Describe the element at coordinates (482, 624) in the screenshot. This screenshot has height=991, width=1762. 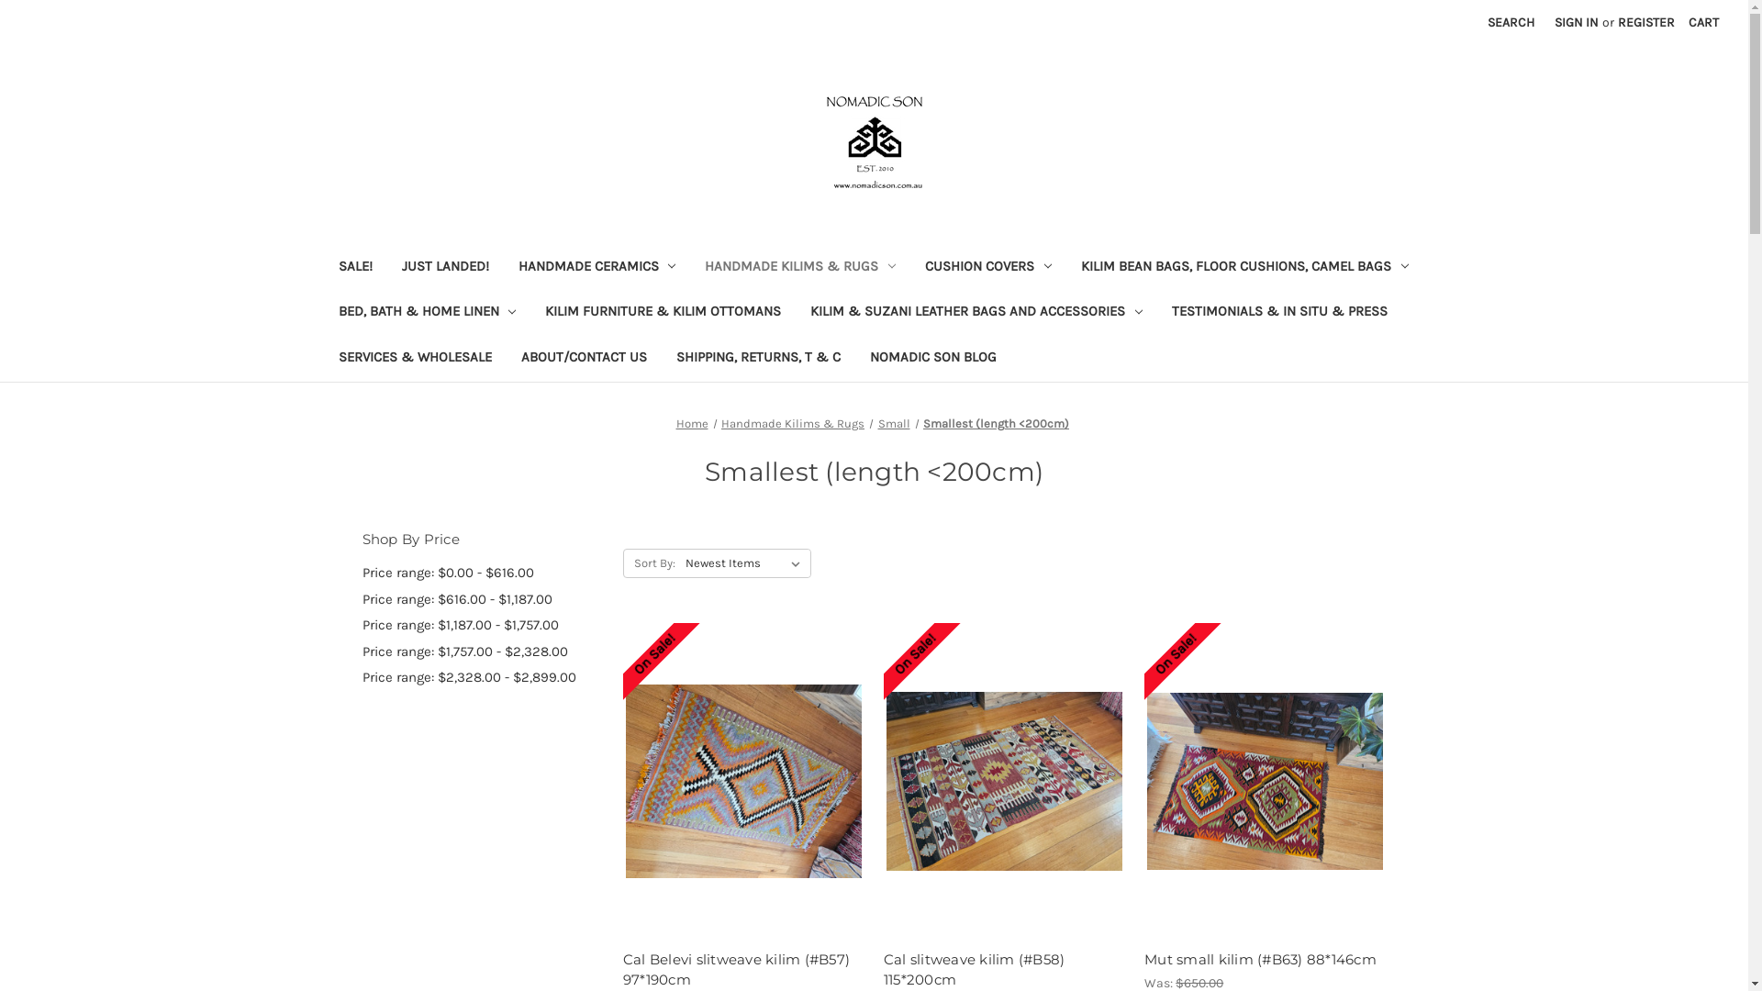
I see `'Price range: $1,187.00 - $1,757.00'` at that location.